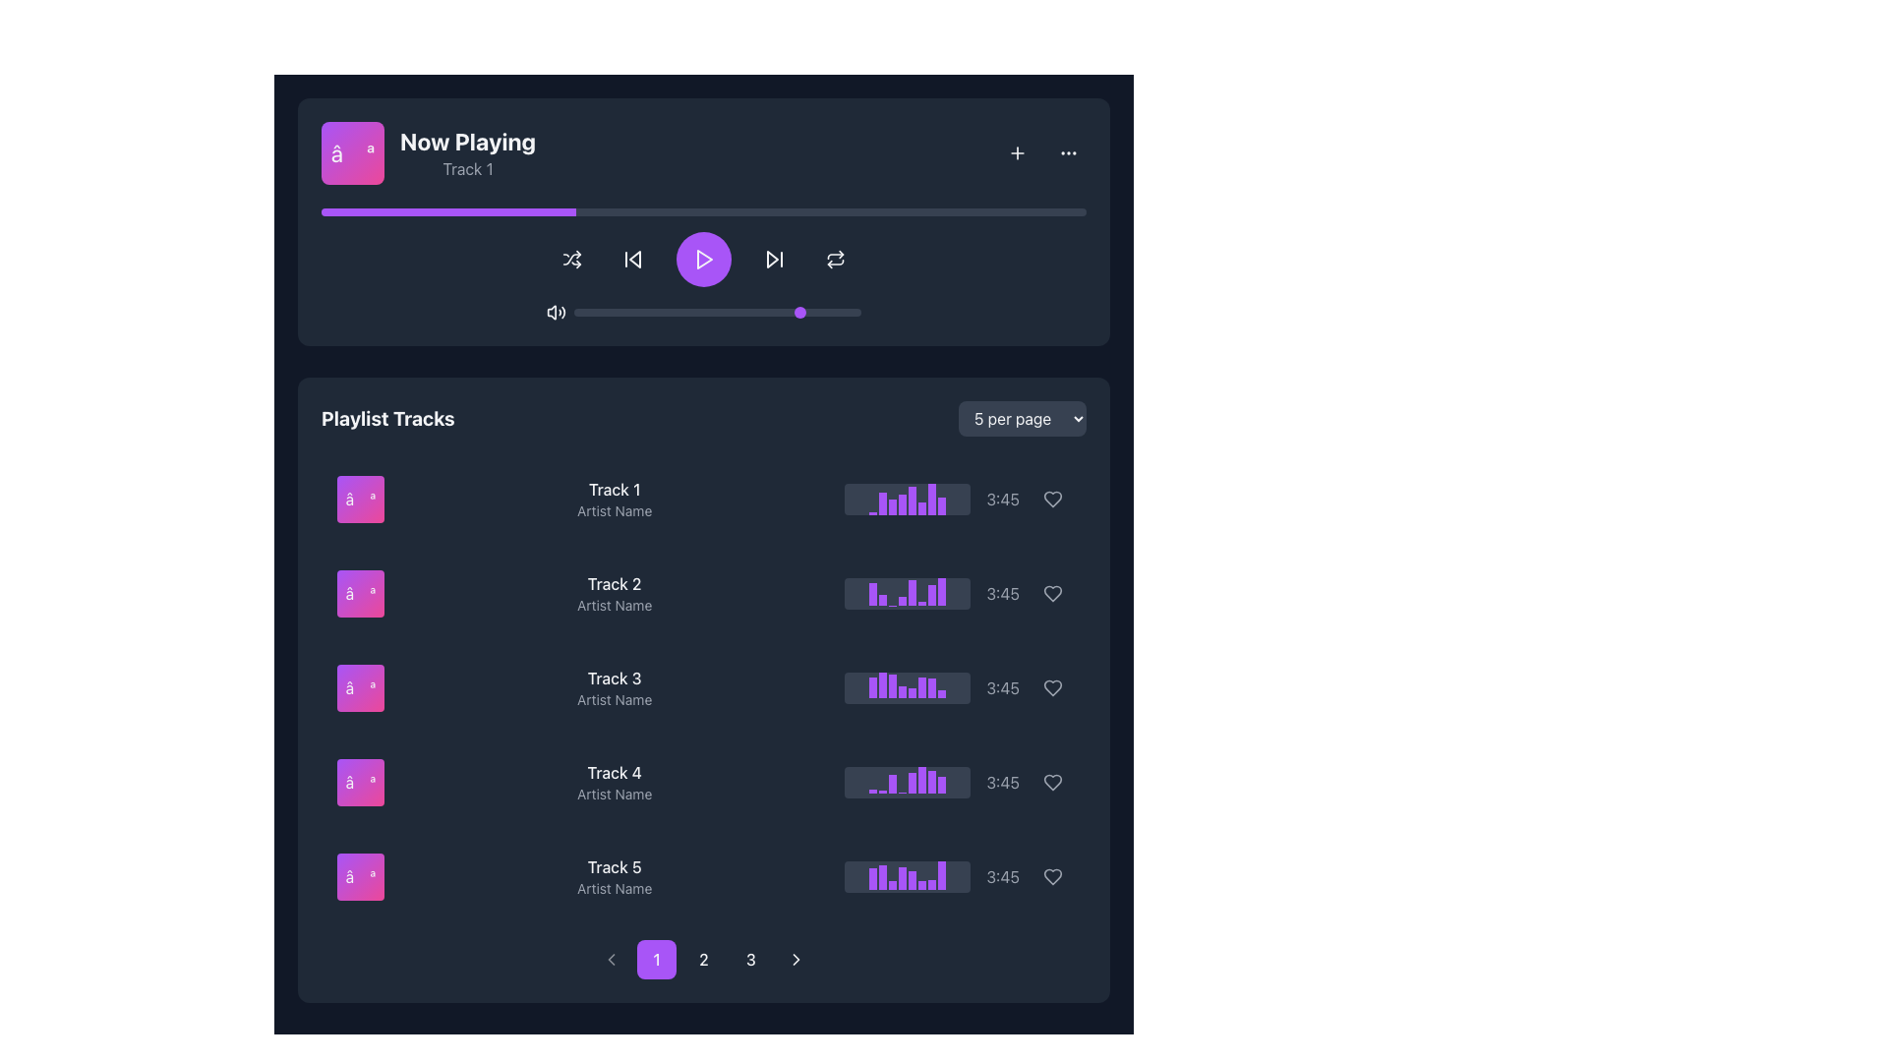 The image size is (1888, 1062). What do you see at coordinates (1051, 686) in the screenshot?
I see `the heart-shaped icon button located to the far right of the 'Track 4' row in the playlist` at bounding box center [1051, 686].